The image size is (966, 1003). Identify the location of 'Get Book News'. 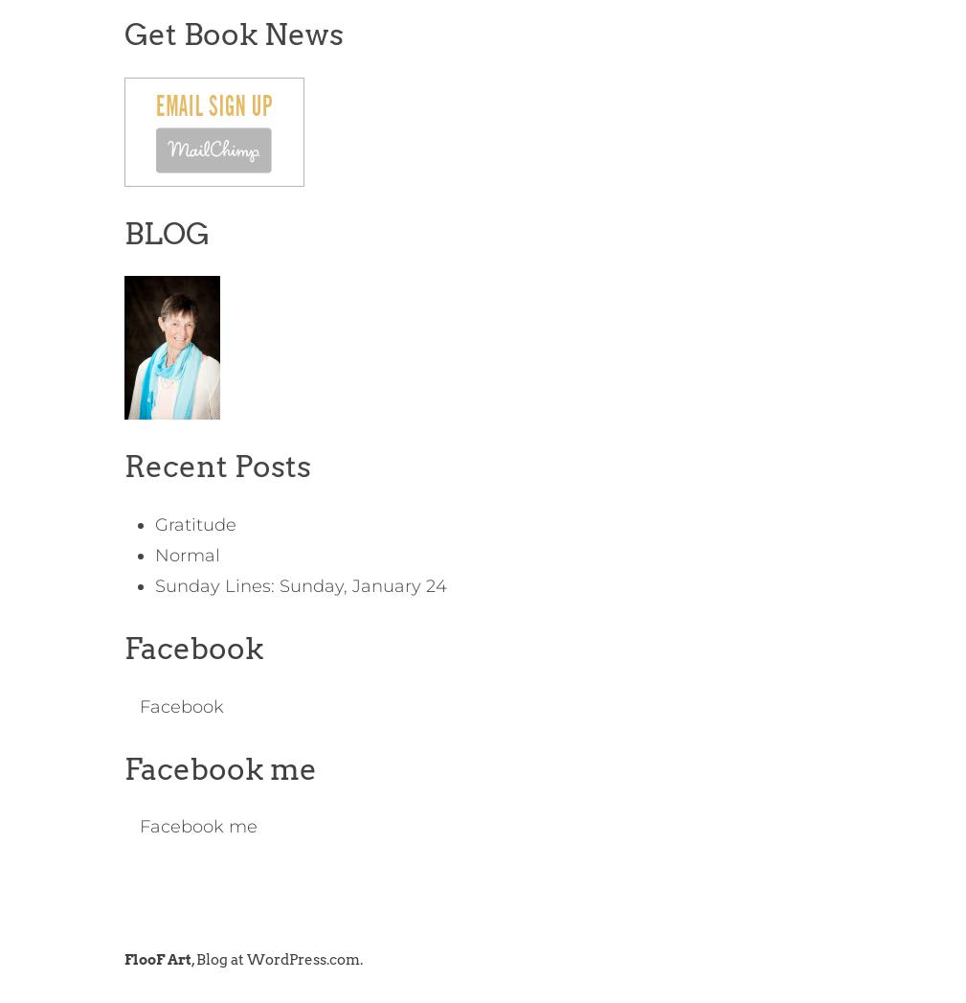
(122, 34).